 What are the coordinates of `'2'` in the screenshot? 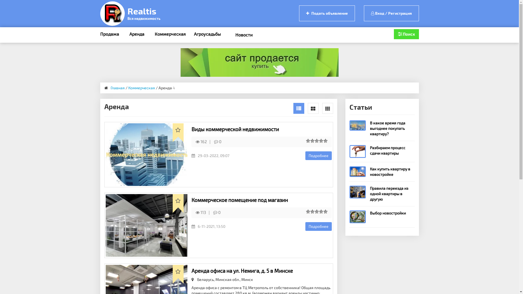 It's located at (313, 211).